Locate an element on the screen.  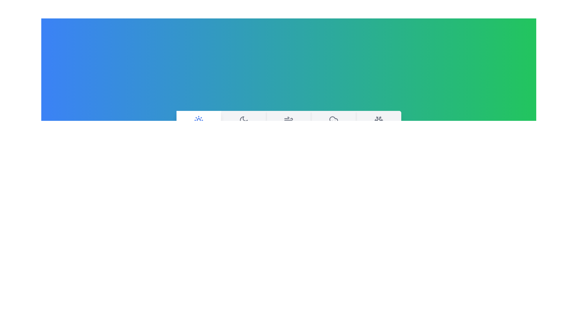
the weather tab labeled Windy is located at coordinates (289, 126).